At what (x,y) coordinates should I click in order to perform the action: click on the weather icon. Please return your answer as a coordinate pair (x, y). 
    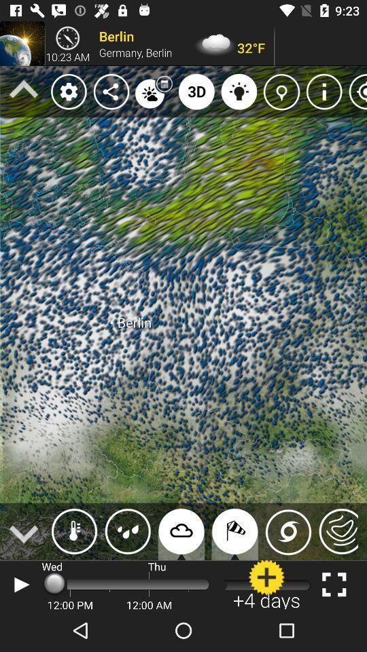
    Looking at the image, I should click on (74, 531).